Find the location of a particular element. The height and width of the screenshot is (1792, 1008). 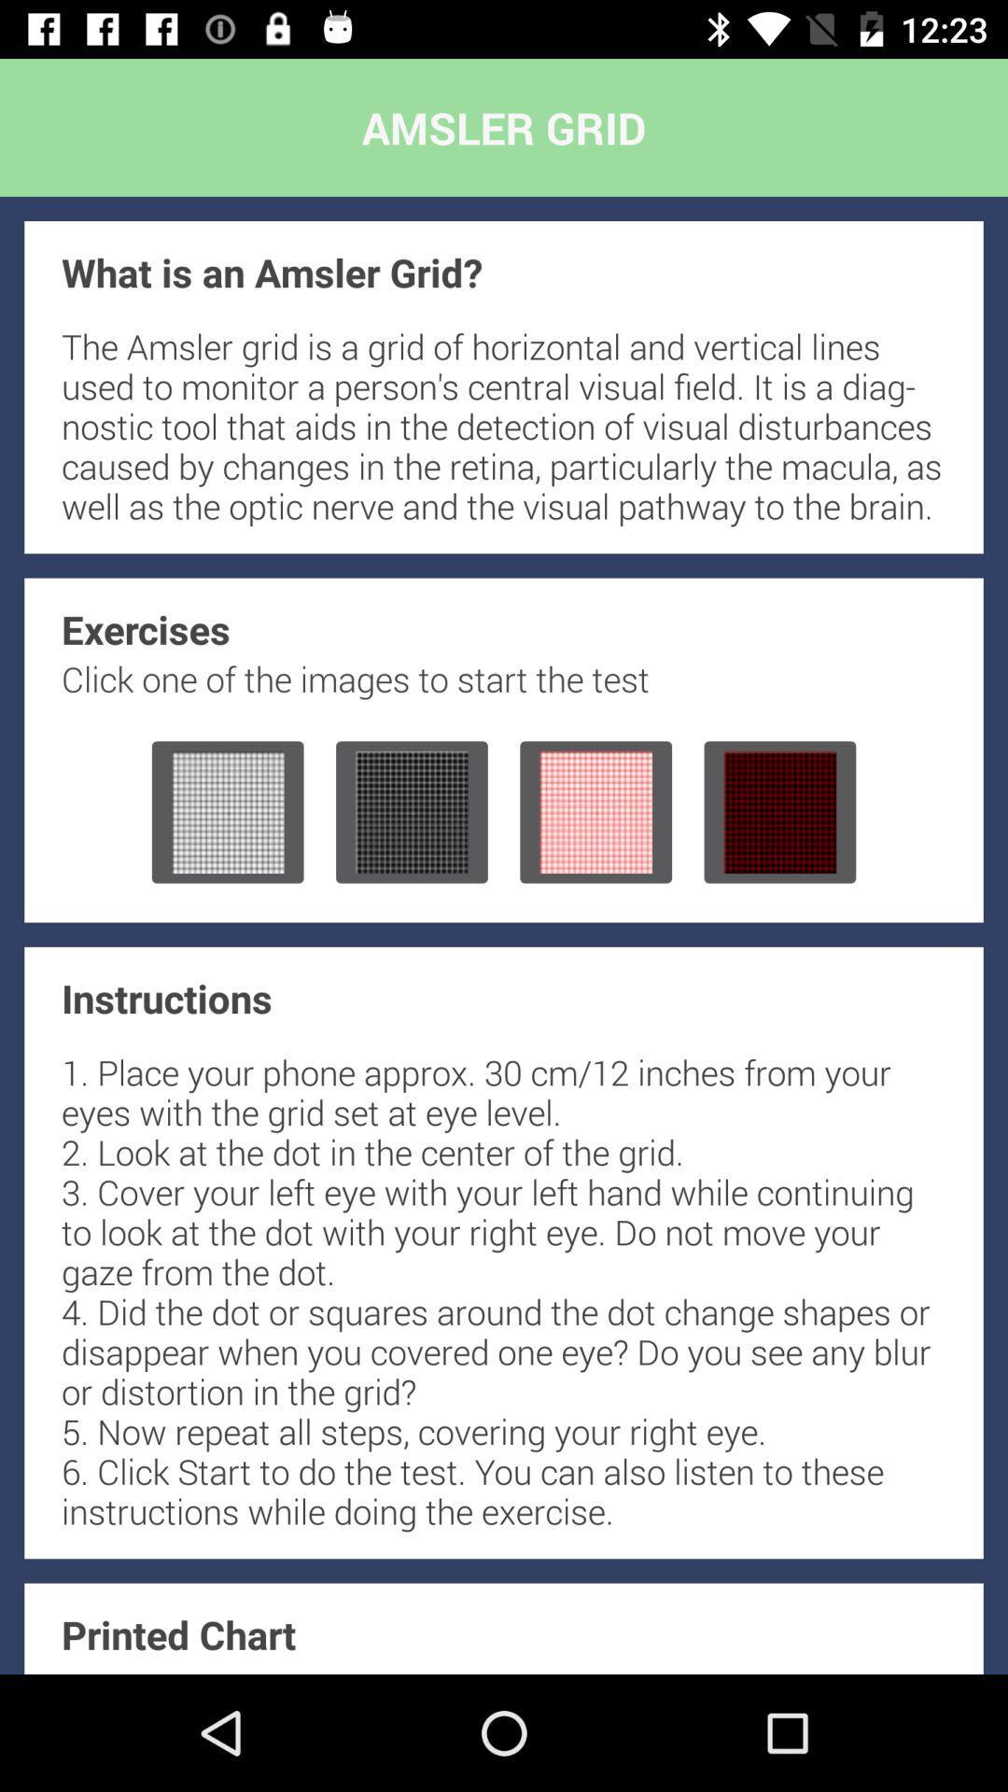

open the fourth exercise is located at coordinates (779, 812).